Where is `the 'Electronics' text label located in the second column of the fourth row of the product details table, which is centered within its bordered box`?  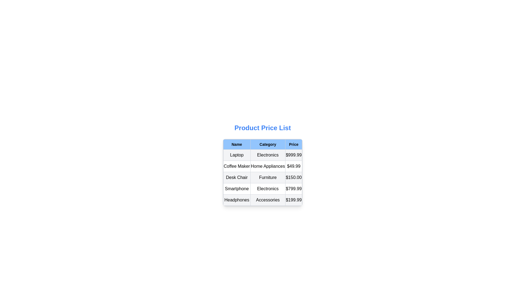 the 'Electronics' text label located in the second column of the fourth row of the product details table, which is centered within its bordered box is located at coordinates (268, 189).